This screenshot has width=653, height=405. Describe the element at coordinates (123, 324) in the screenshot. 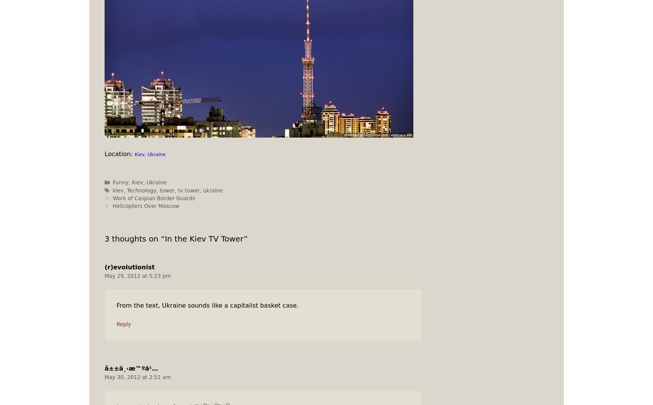

I see `'Reply'` at that location.